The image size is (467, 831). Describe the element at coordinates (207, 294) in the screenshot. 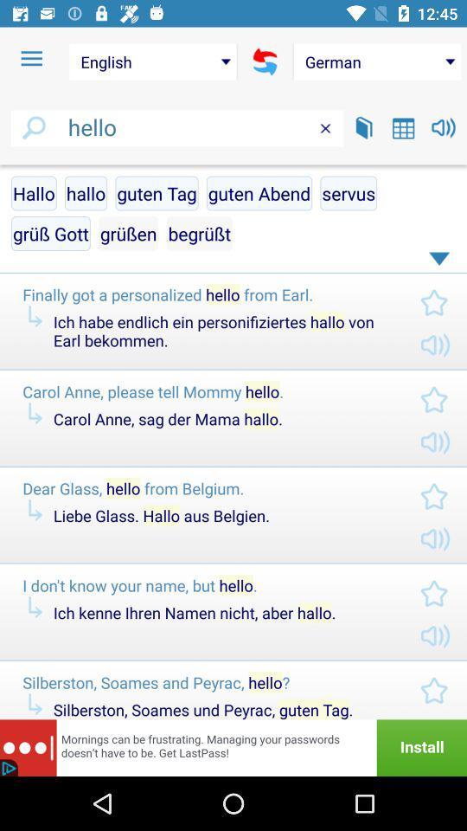

I see `finally got a` at that location.